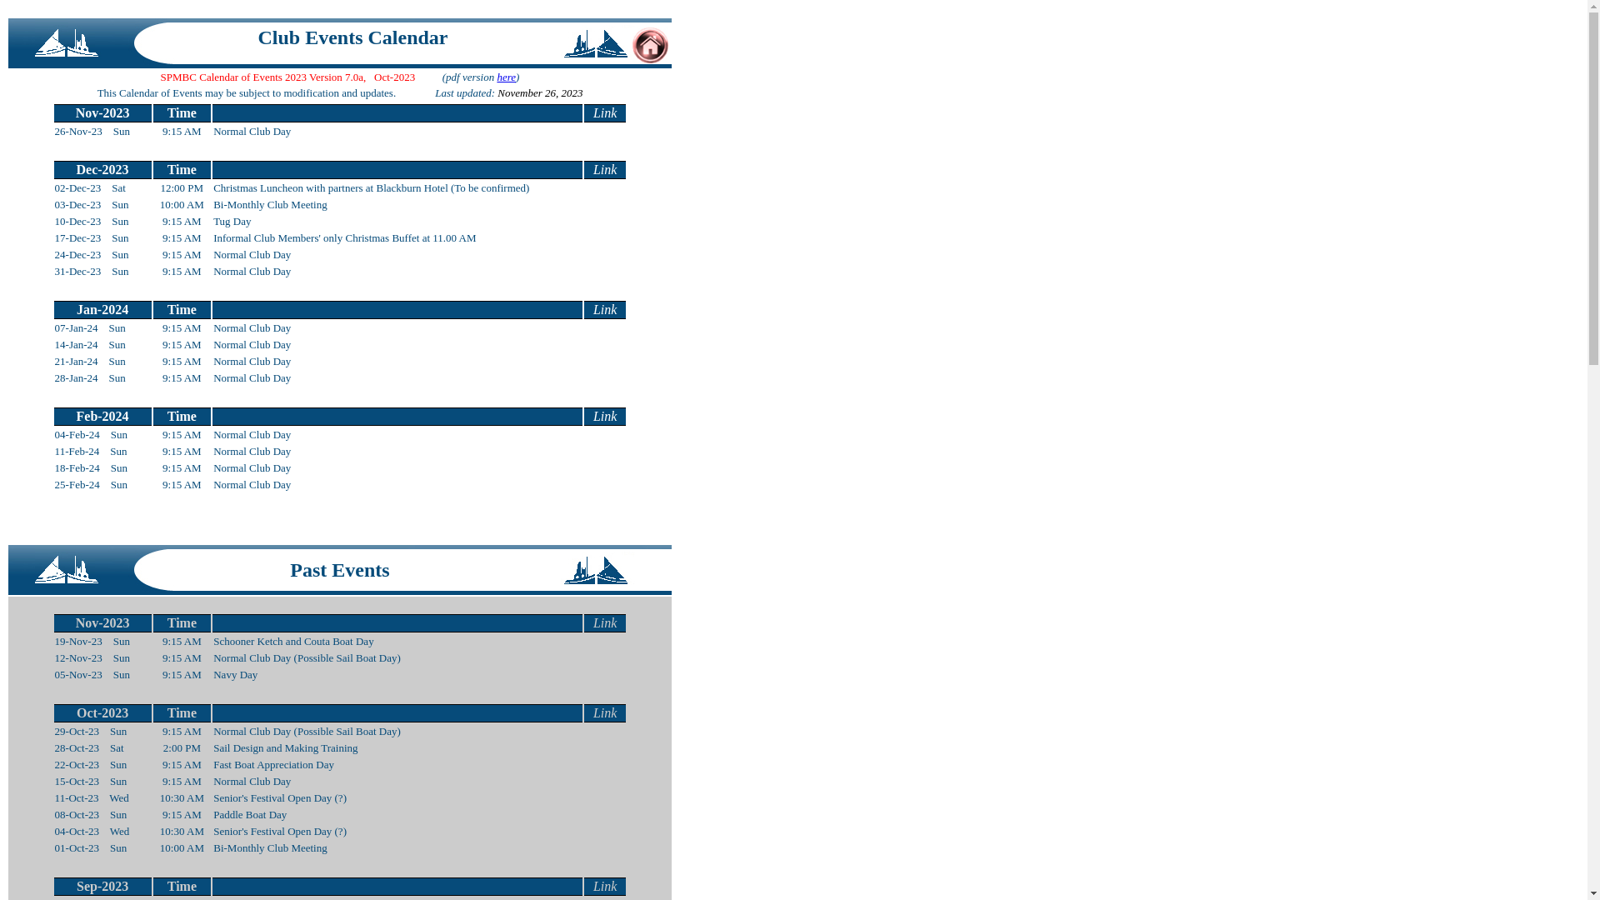  I want to click on 'here', so click(495, 77).